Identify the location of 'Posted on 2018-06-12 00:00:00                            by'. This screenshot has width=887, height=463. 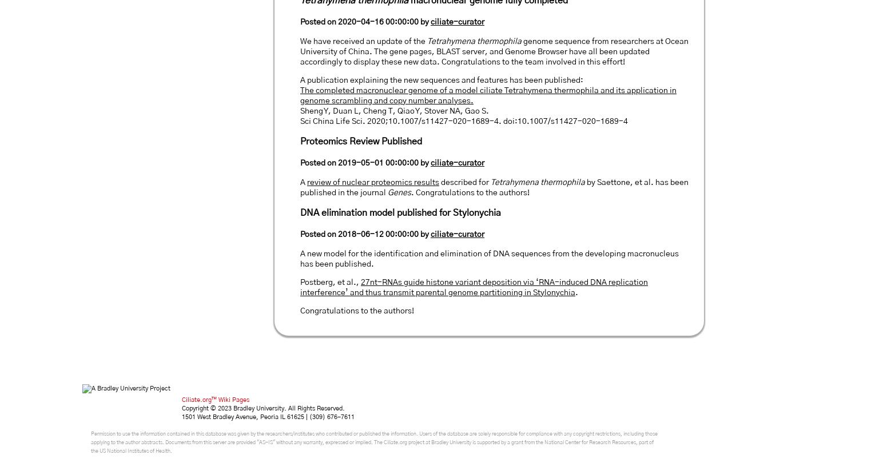
(365, 233).